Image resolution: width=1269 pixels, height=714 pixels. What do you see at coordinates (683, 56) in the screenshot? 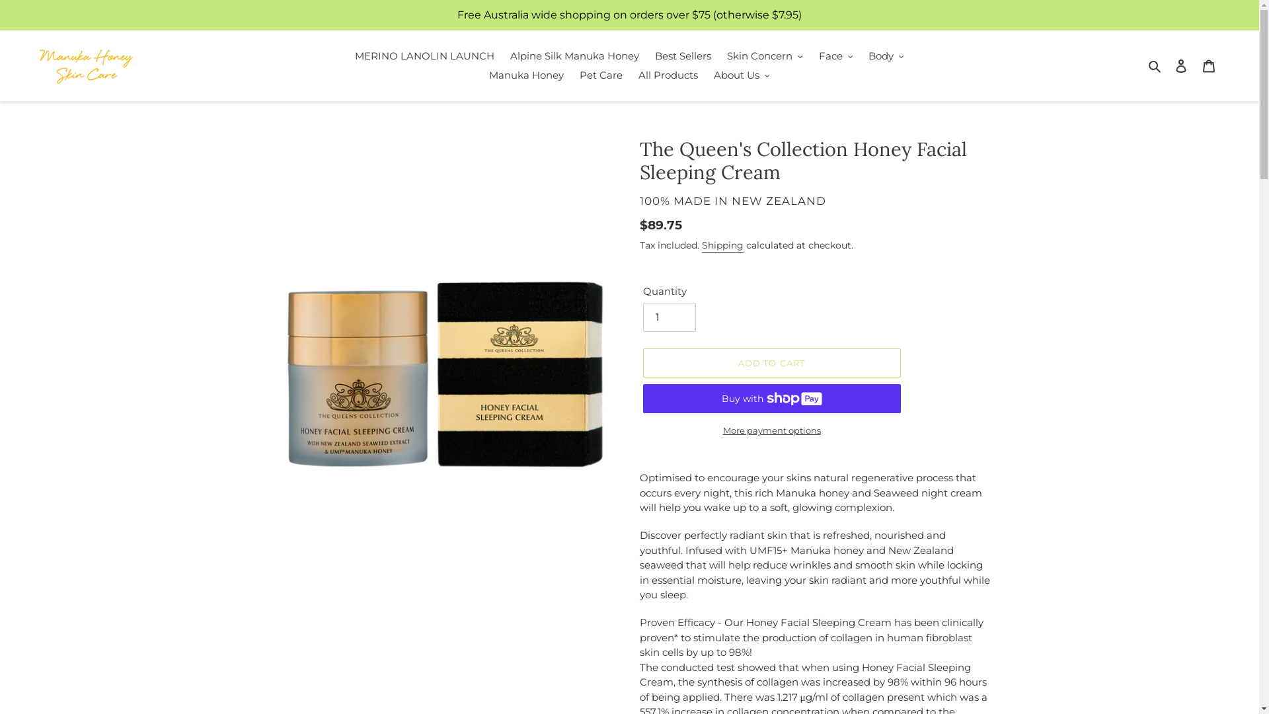
I see `'Best Sellers'` at bounding box center [683, 56].